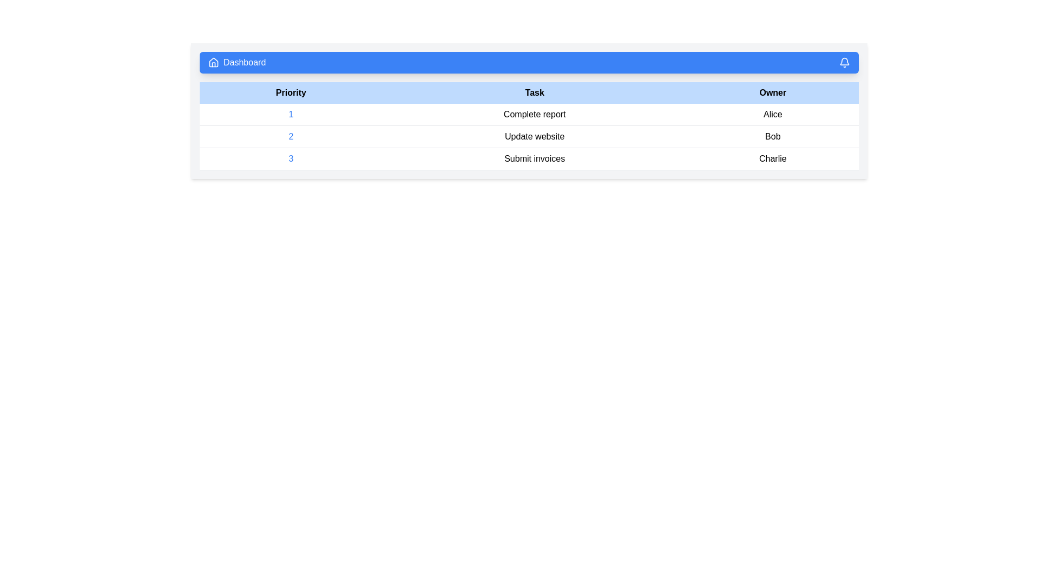  I want to click on the third row in the task management table that contains the priority number '3', the task description 'Submit invoices', and the owner 'Charlie', so click(529, 158).